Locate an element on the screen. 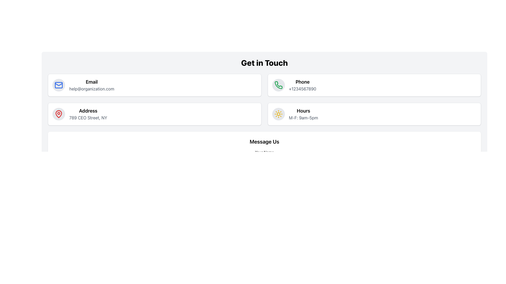  the Informational Text Block titled 'Hours' which displays the subtitle 'M-F: 9am-5pm', located in the second column of the grid layout under the 'Get in Touch' section is located at coordinates (303, 114).